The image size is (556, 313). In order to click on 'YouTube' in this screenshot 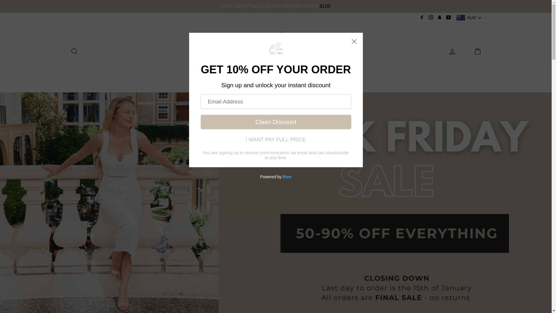, I will do `click(448, 17)`.